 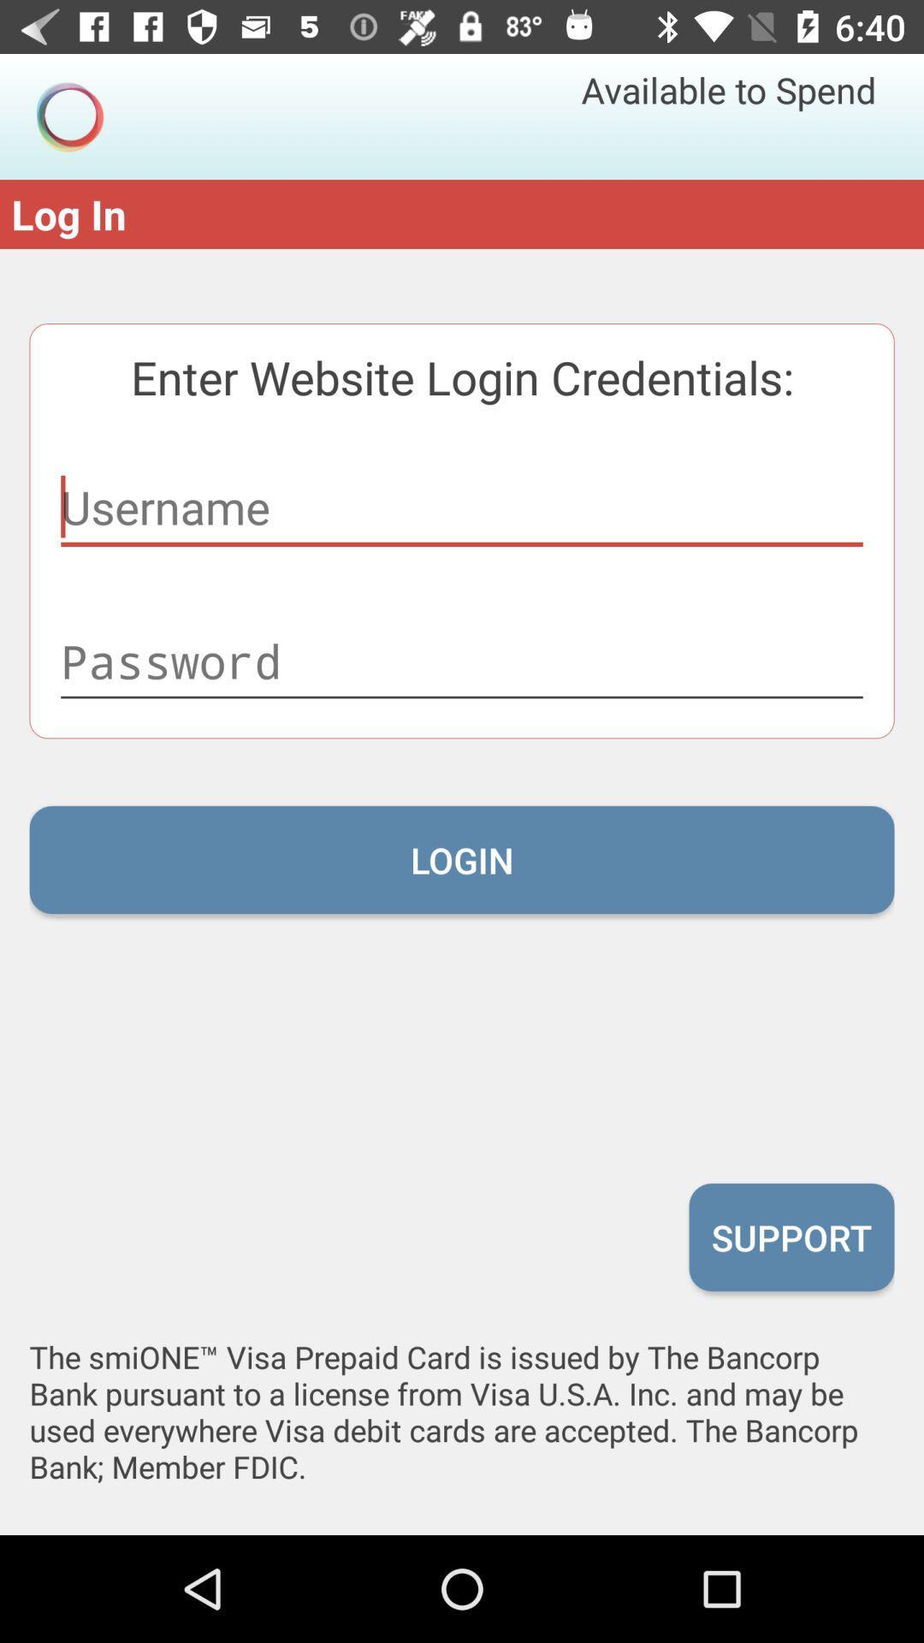 I want to click on the support icon, so click(x=791, y=1237).